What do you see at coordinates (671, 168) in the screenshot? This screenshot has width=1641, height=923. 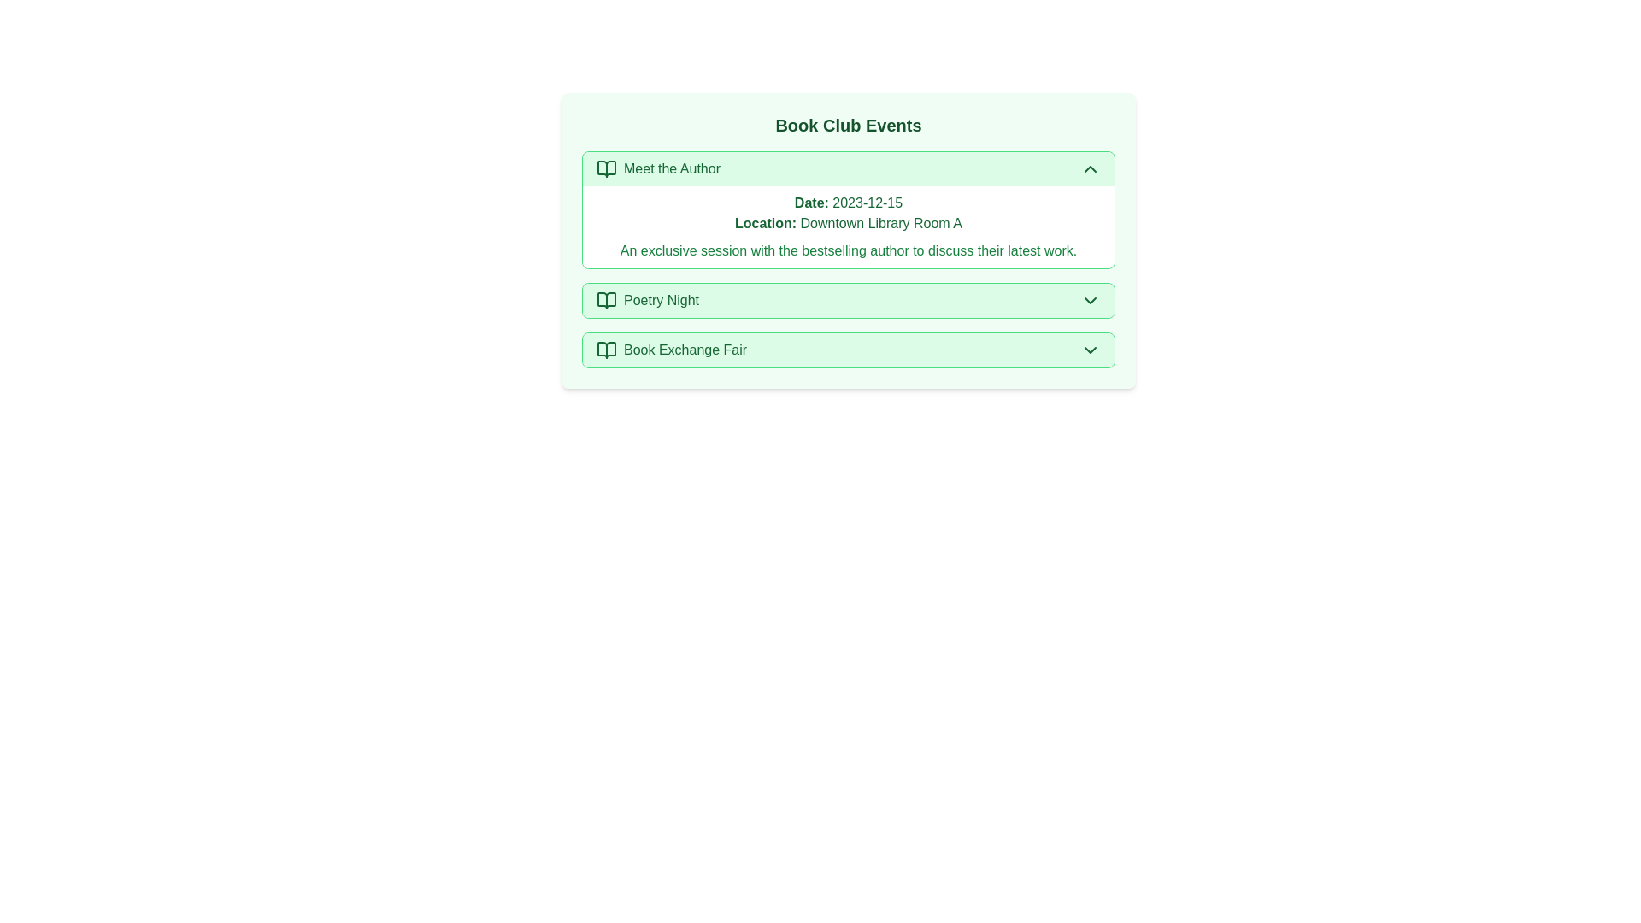 I see `text label indicating the 'Meet the Author' event, located at the top of the event entry card, to the right of the book icon` at bounding box center [671, 168].